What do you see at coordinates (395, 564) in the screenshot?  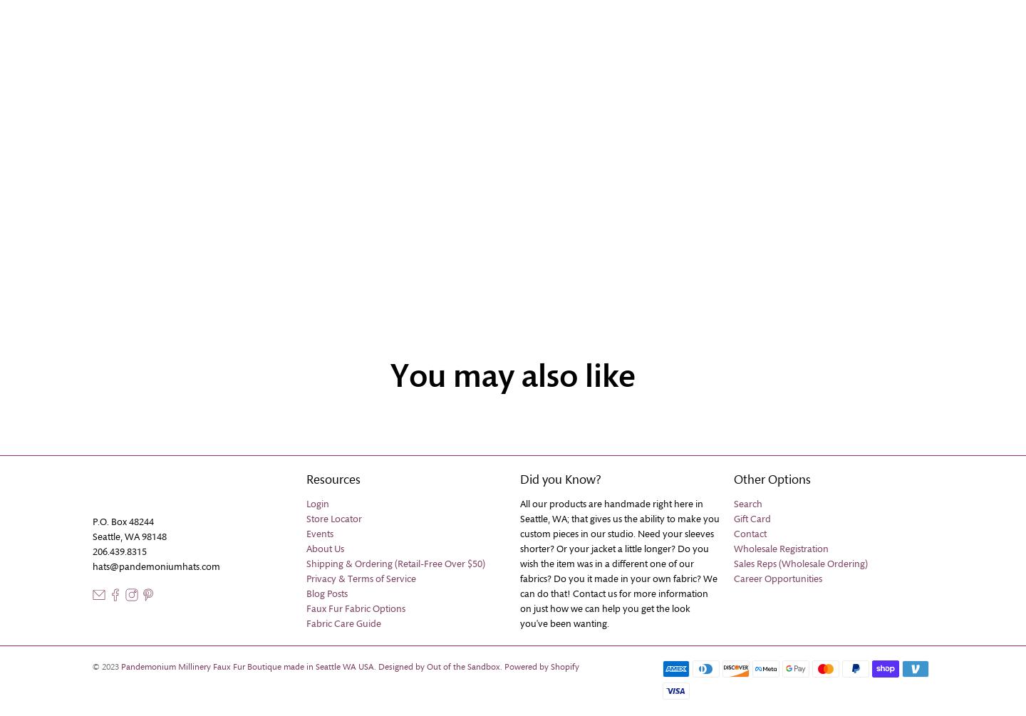 I see `'Shipping & Ordering (Retail-Free Over $50)'` at bounding box center [395, 564].